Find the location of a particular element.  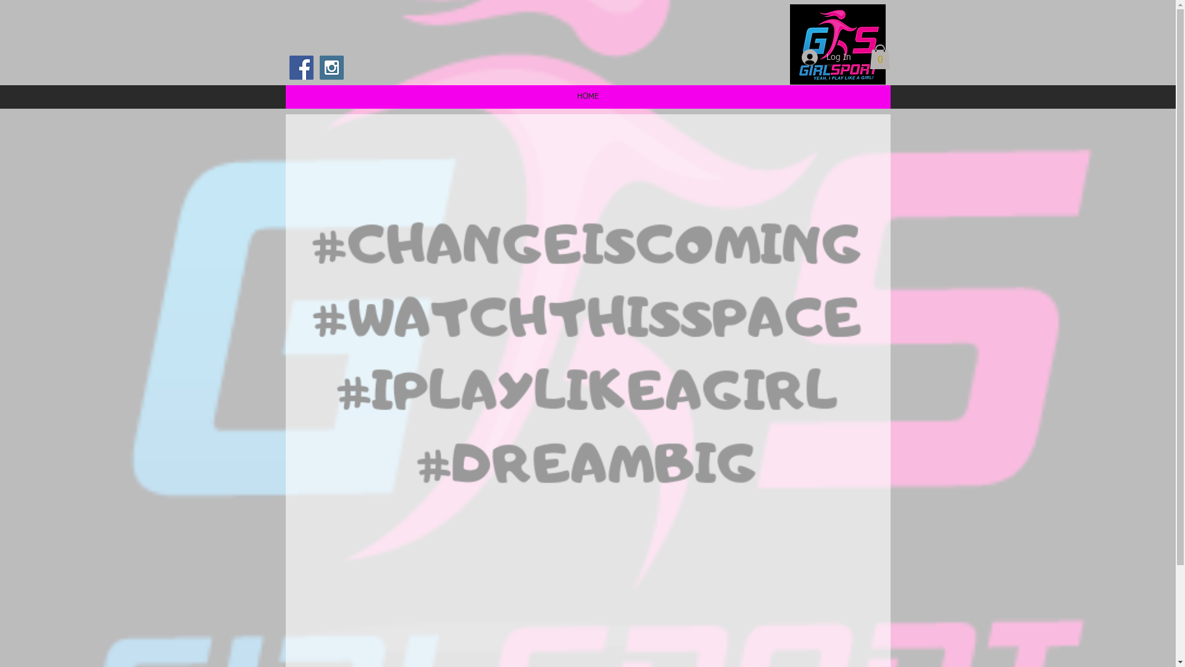

'0' is located at coordinates (879, 57).